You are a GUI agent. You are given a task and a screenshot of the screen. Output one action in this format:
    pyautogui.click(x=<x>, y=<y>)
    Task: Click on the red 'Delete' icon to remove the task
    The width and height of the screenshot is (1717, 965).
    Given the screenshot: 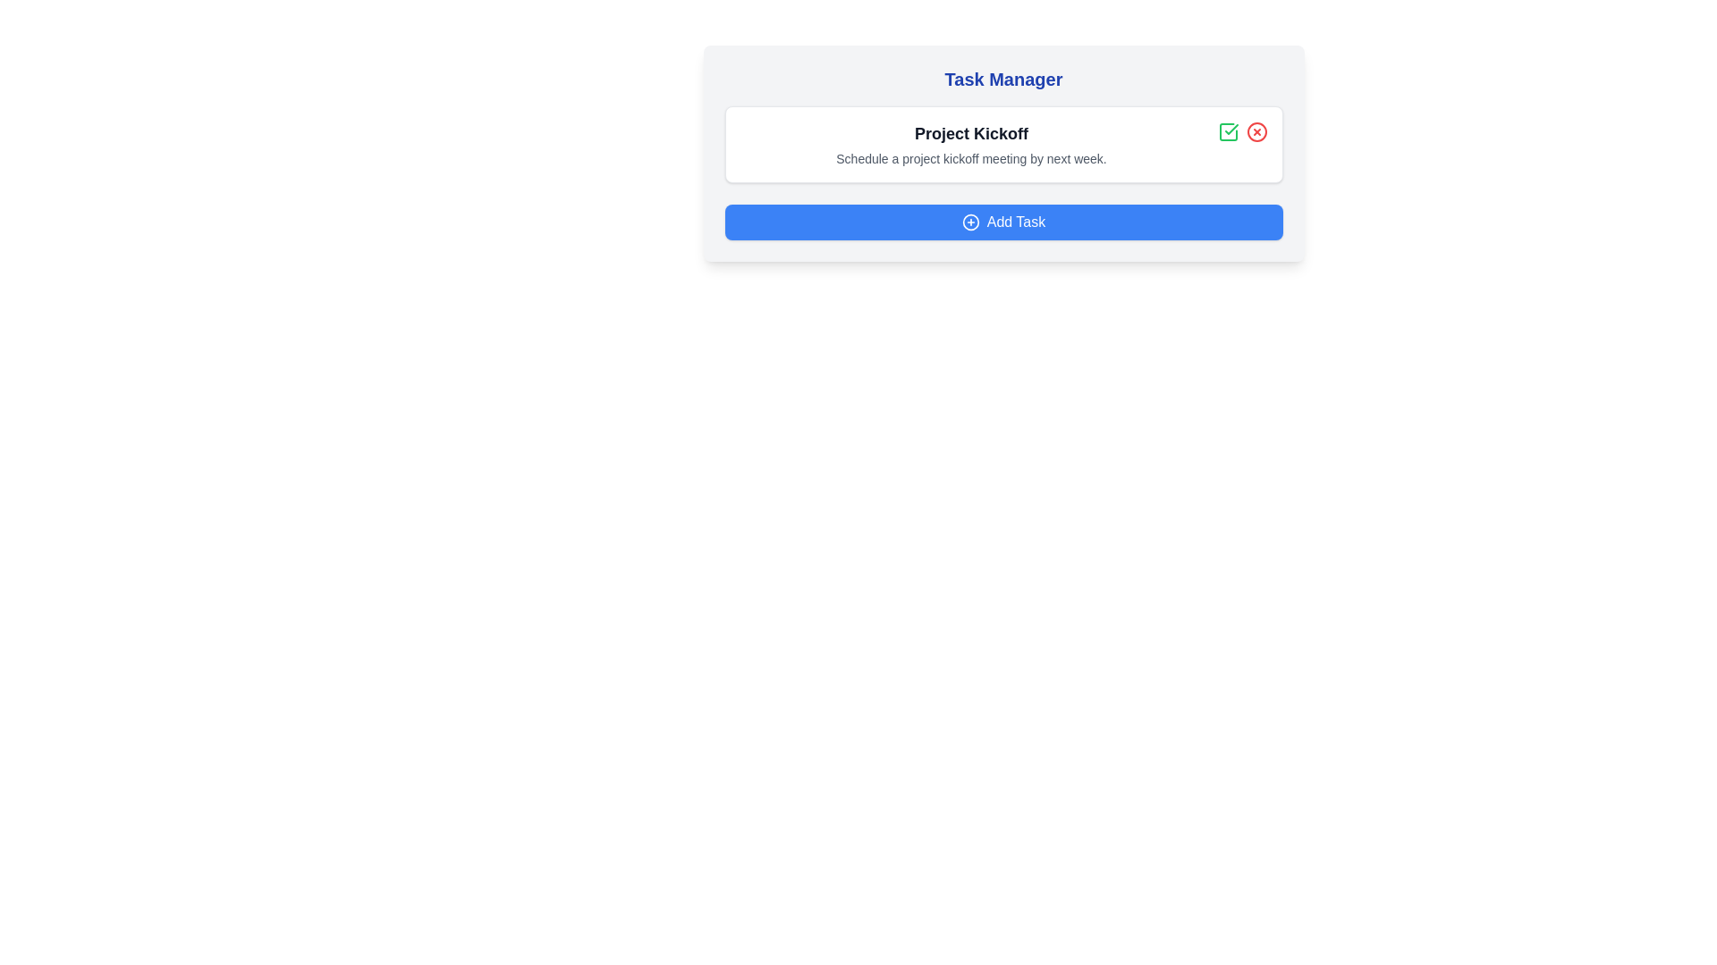 What is the action you would take?
    pyautogui.click(x=1256, y=130)
    